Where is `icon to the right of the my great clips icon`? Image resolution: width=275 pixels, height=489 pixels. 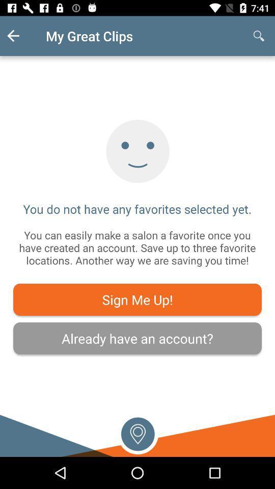 icon to the right of the my great clips icon is located at coordinates (259, 36).